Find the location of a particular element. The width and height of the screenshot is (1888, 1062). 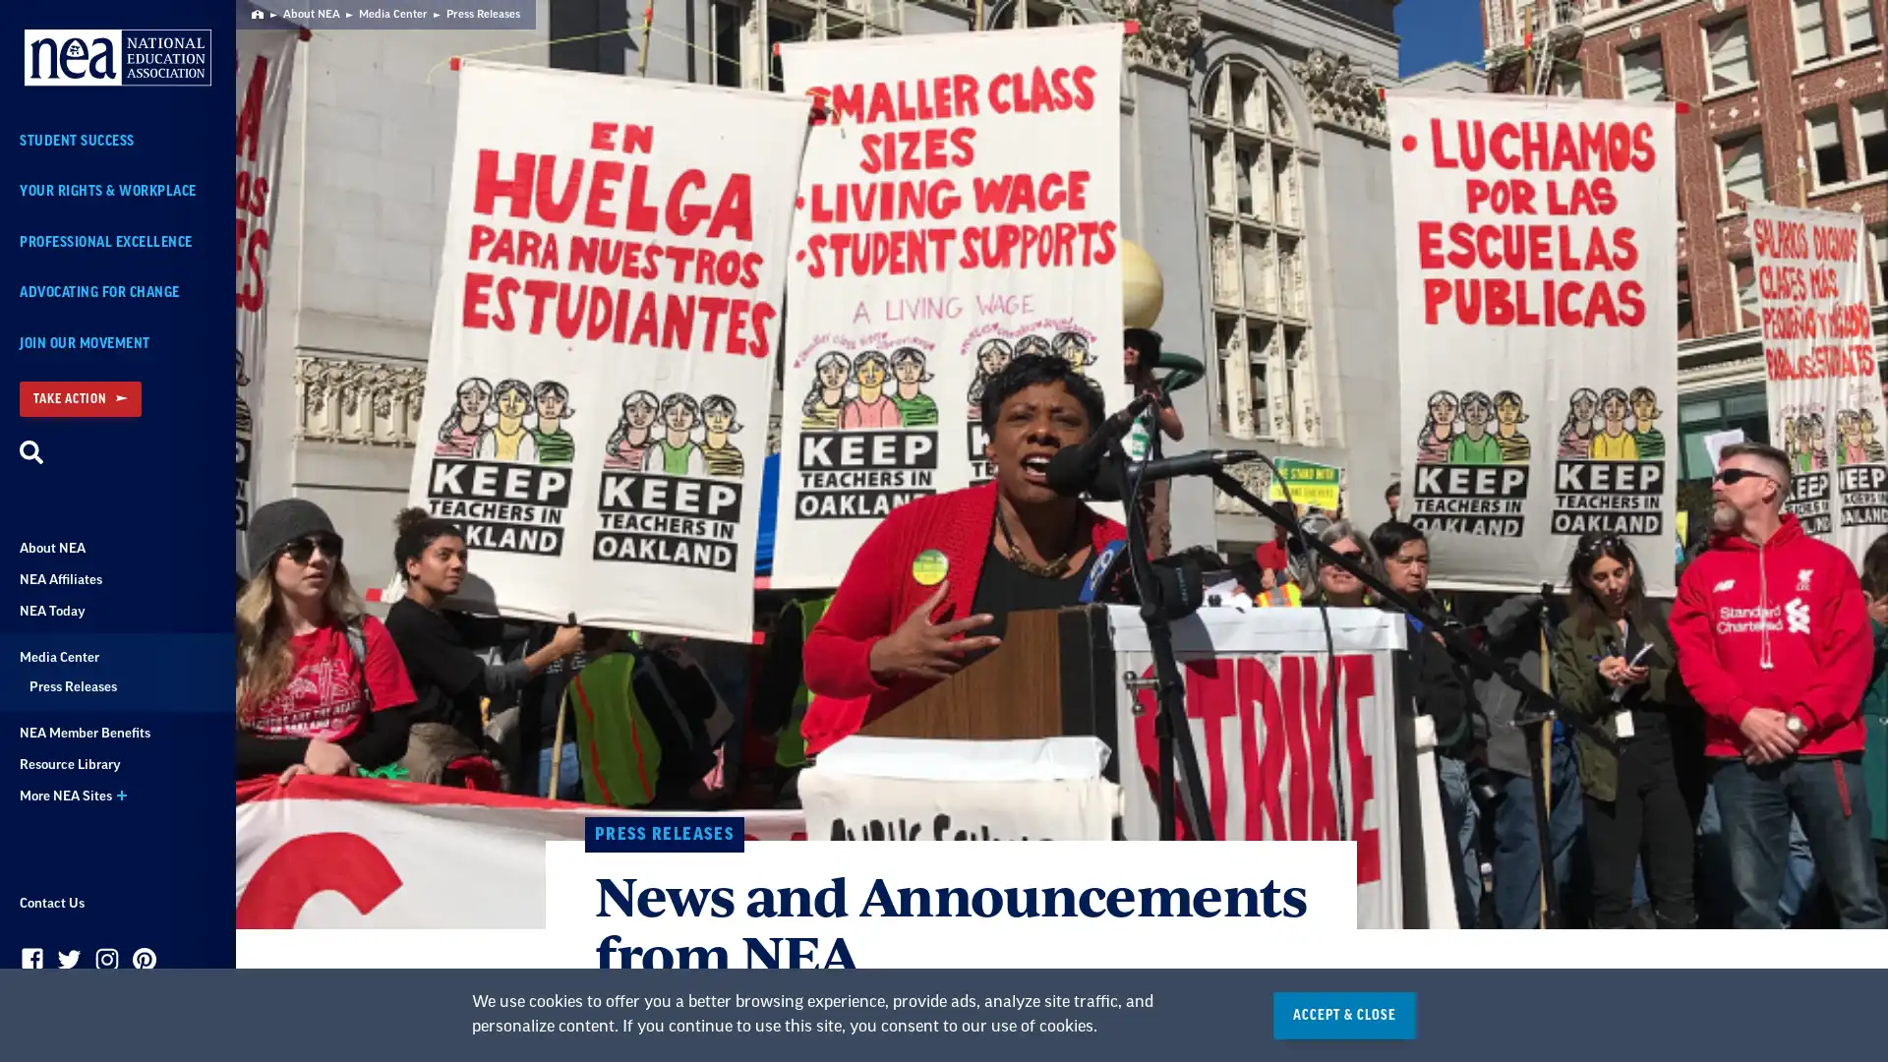

Search is located at coordinates (31, 453).